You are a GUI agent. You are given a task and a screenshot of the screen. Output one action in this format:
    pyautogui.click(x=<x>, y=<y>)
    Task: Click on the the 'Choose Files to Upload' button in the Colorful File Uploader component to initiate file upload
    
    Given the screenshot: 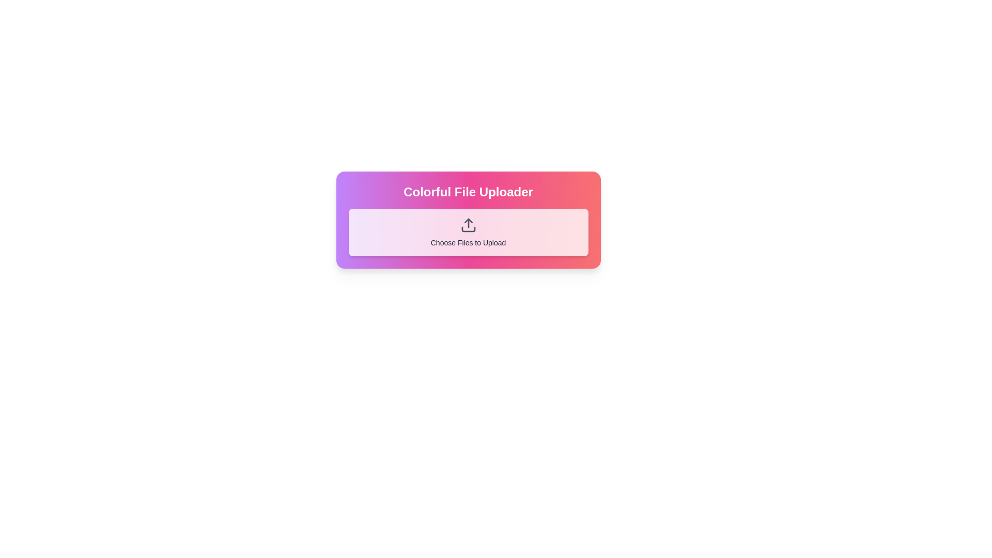 What is the action you would take?
    pyautogui.click(x=468, y=219)
    